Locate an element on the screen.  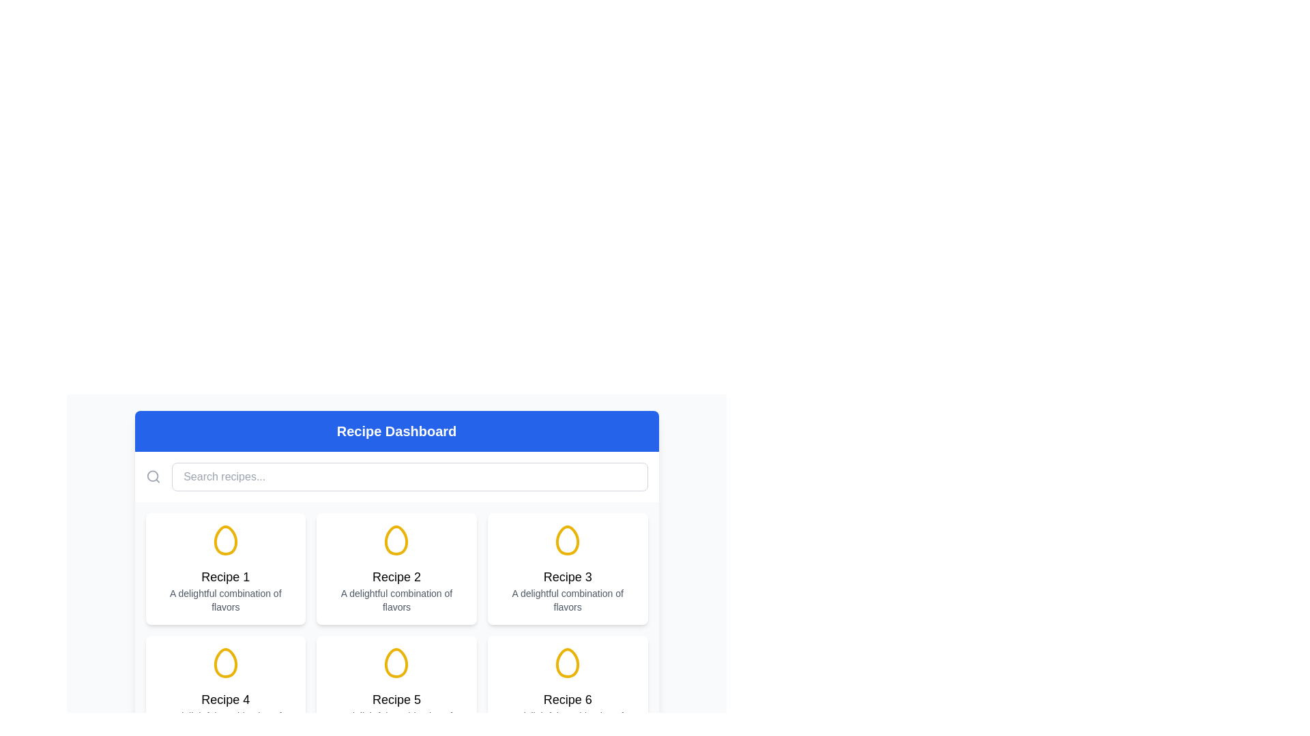
the Text Label element displaying 'A delightful combination of flavors', located directly below the 'Recipe 3' title is located at coordinates (568, 599).